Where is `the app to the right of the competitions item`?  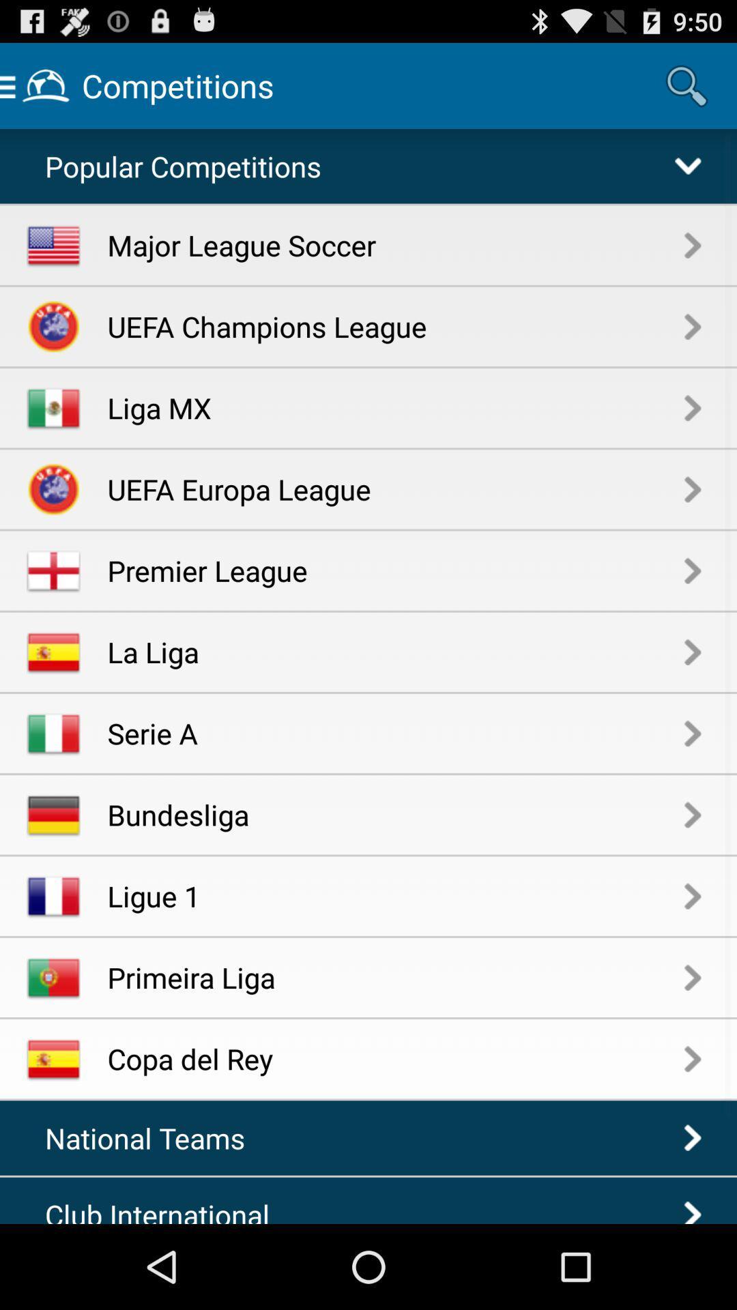
the app to the right of the competitions item is located at coordinates (687, 85).